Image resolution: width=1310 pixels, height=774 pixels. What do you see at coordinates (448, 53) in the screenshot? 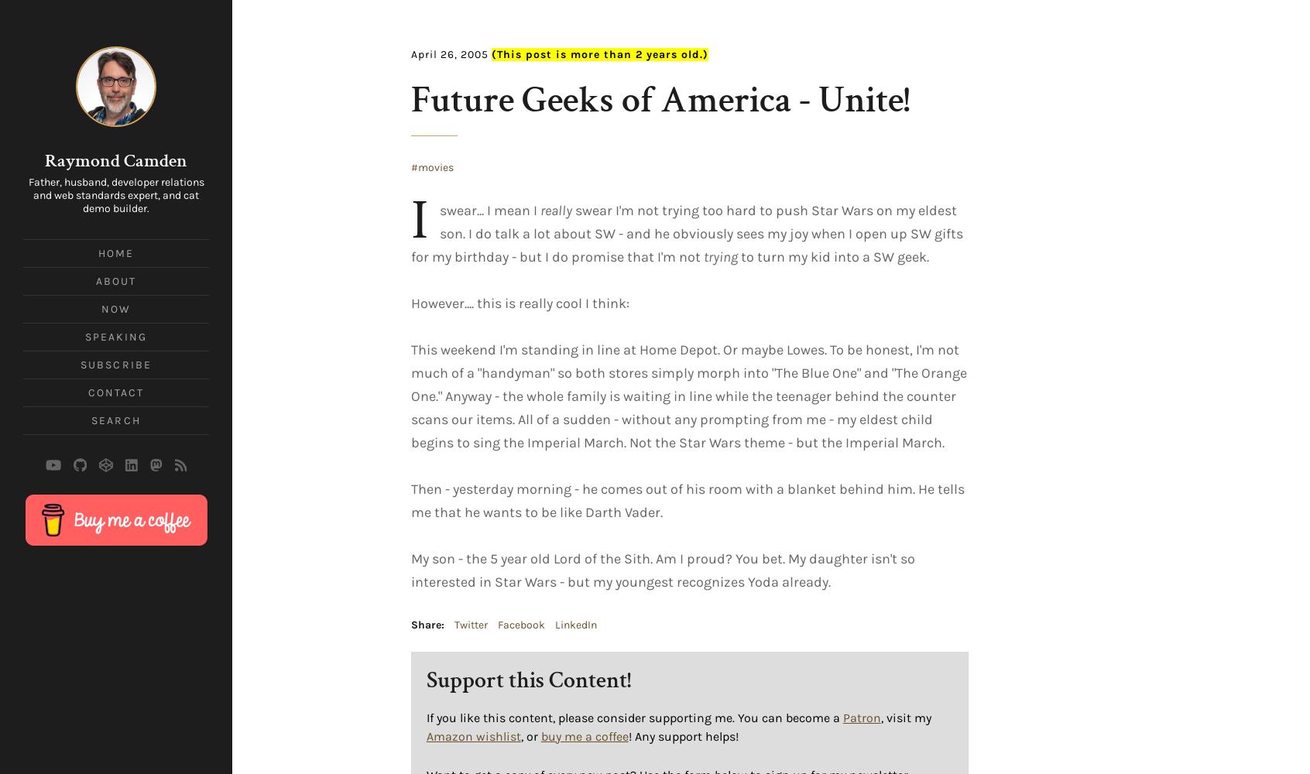
I see `'April 26, 2005'` at bounding box center [448, 53].